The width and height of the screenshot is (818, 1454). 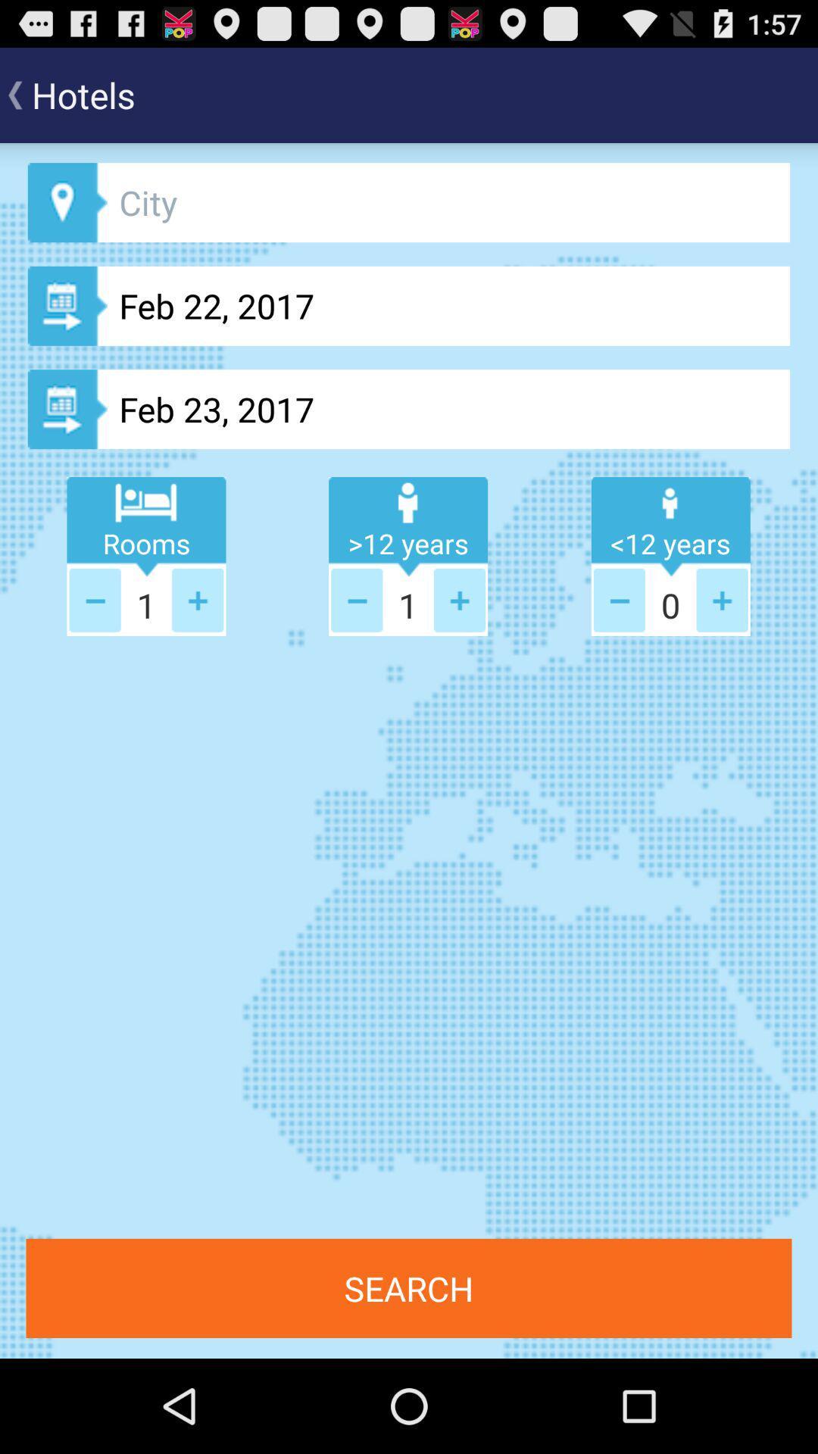 What do you see at coordinates (619, 599) in the screenshot?
I see `minus the value` at bounding box center [619, 599].